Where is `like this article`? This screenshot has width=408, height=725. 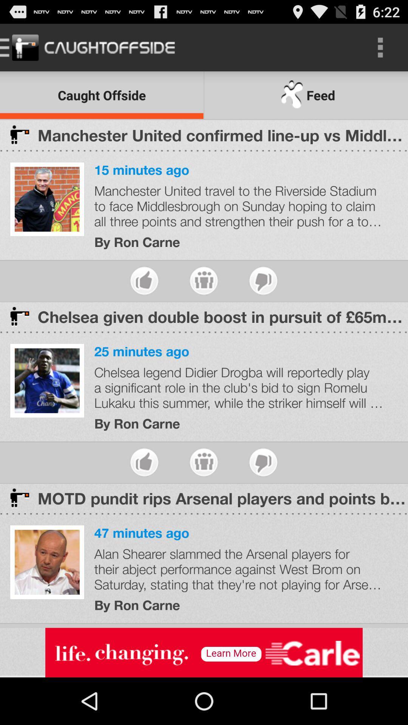 like this article is located at coordinates (144, 462).